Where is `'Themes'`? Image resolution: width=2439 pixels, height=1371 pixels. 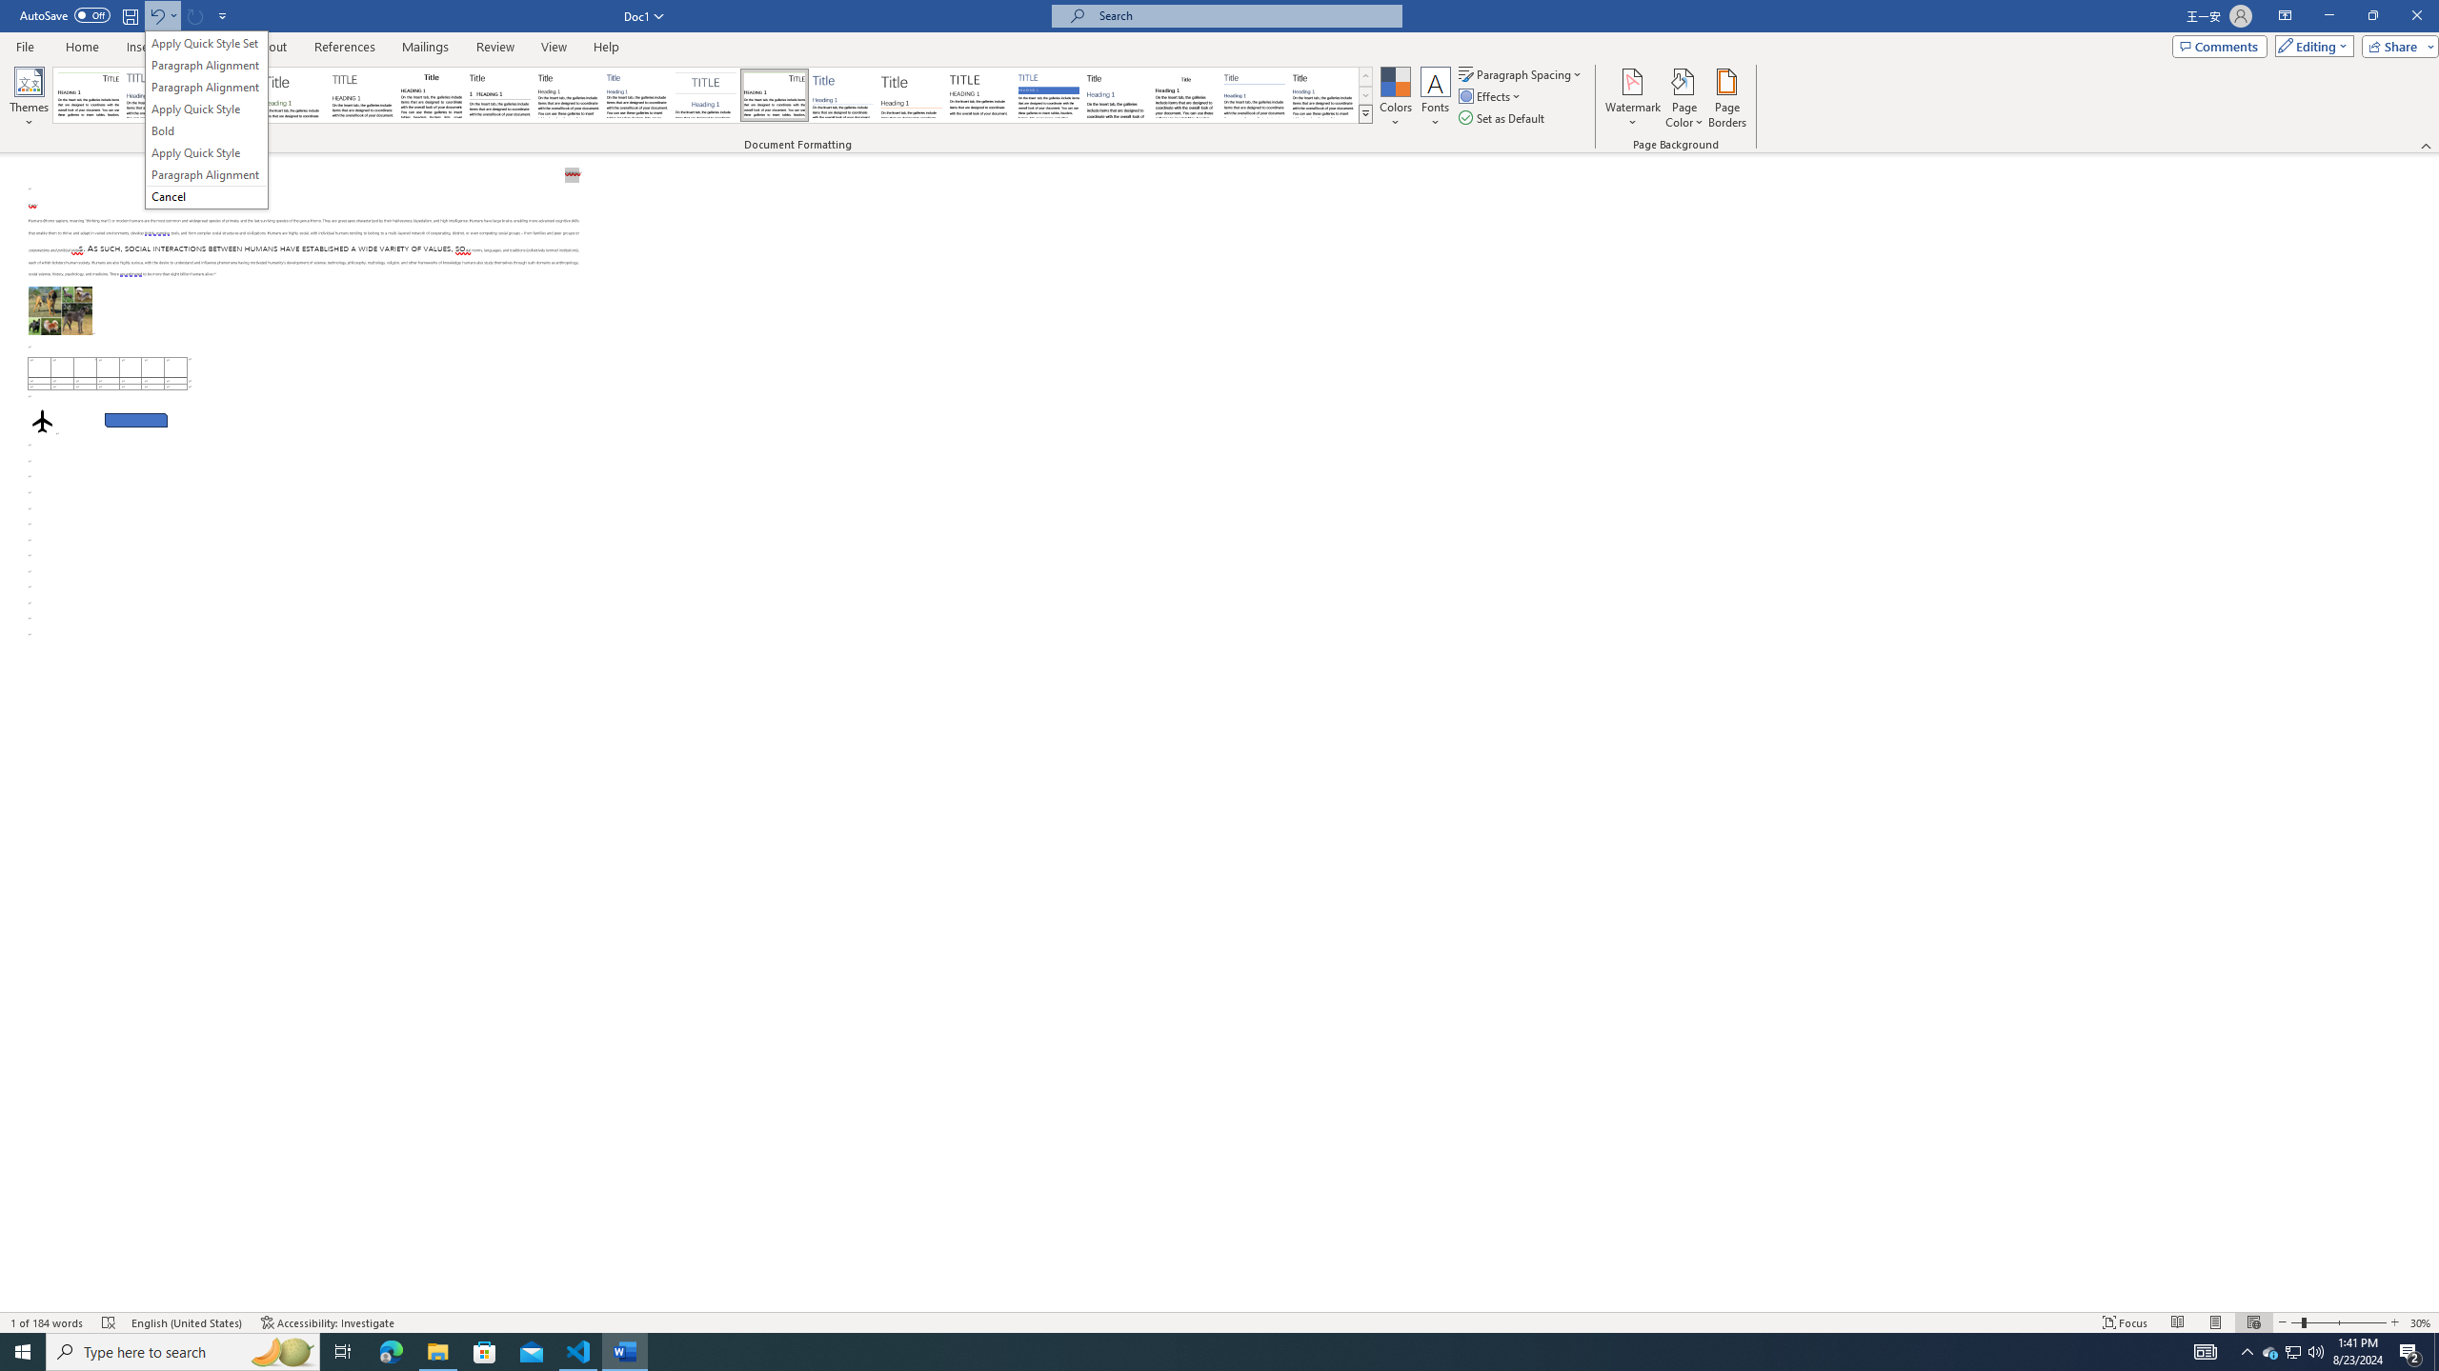
'Themes' is located at coordinates (28, 98).